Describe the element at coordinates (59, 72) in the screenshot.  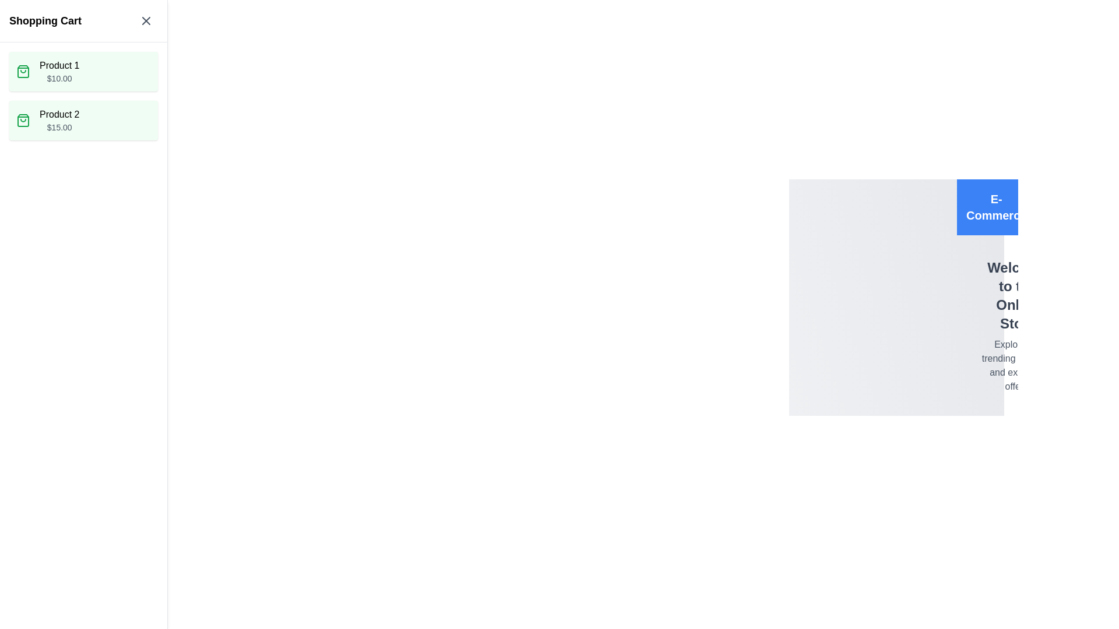
I see `the Text label (composite) that provides the name and price information for a product listed in the shopping cart, positioned under the 'Shopping Cart' header` at that location.